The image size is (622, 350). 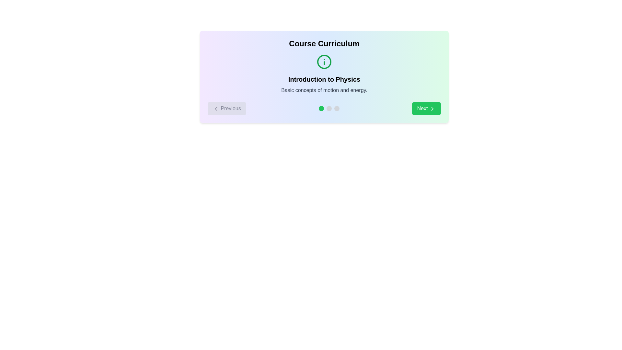 What do you see at coordinates (324, 44) in the screenshot?
I see `the Static text header that serves as a title or heading for the section, indicating the main theme or topic of the elements grouped below it` at bounding box center [324, 44].